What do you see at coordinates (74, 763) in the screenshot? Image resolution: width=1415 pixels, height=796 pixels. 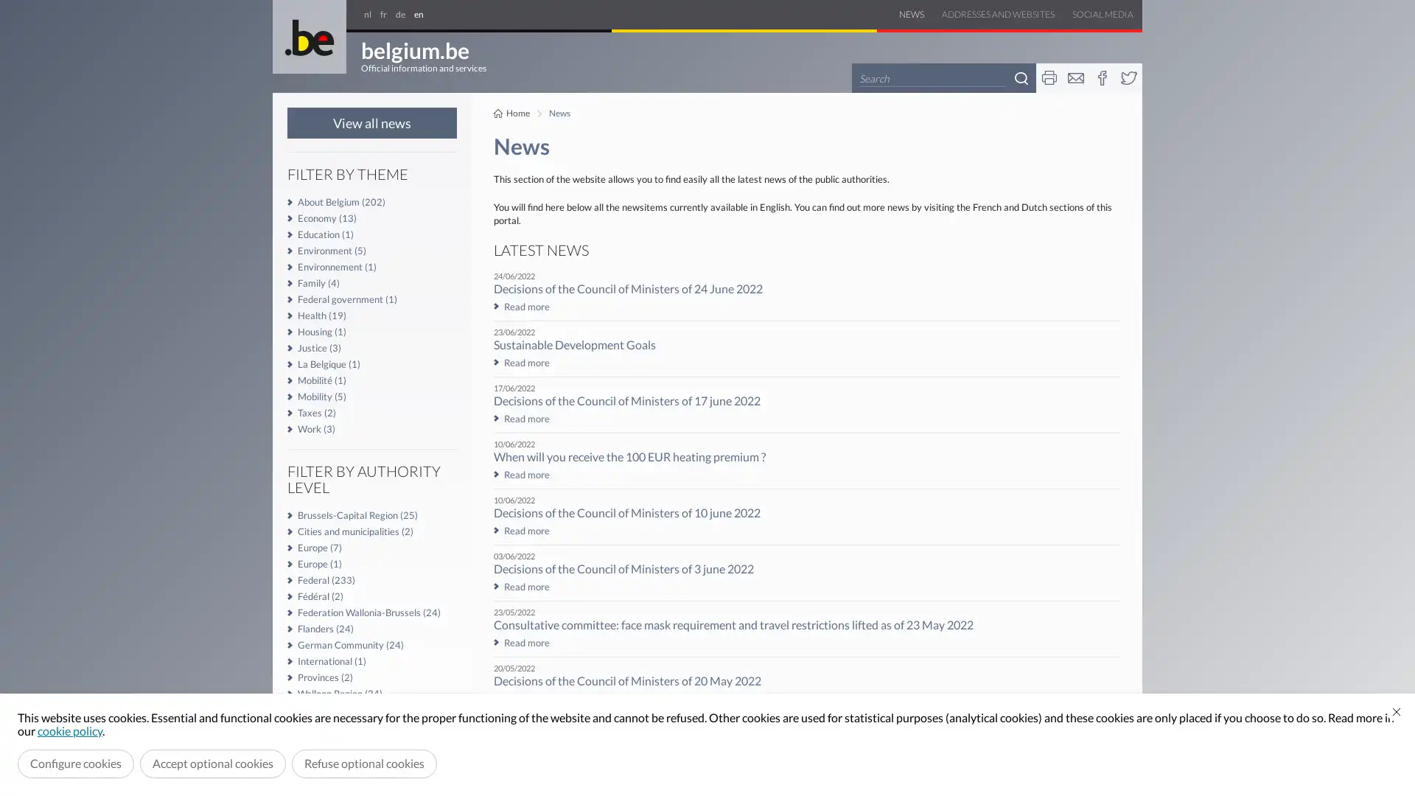 I see `Configure cookies` at bounding box center [74, 763].